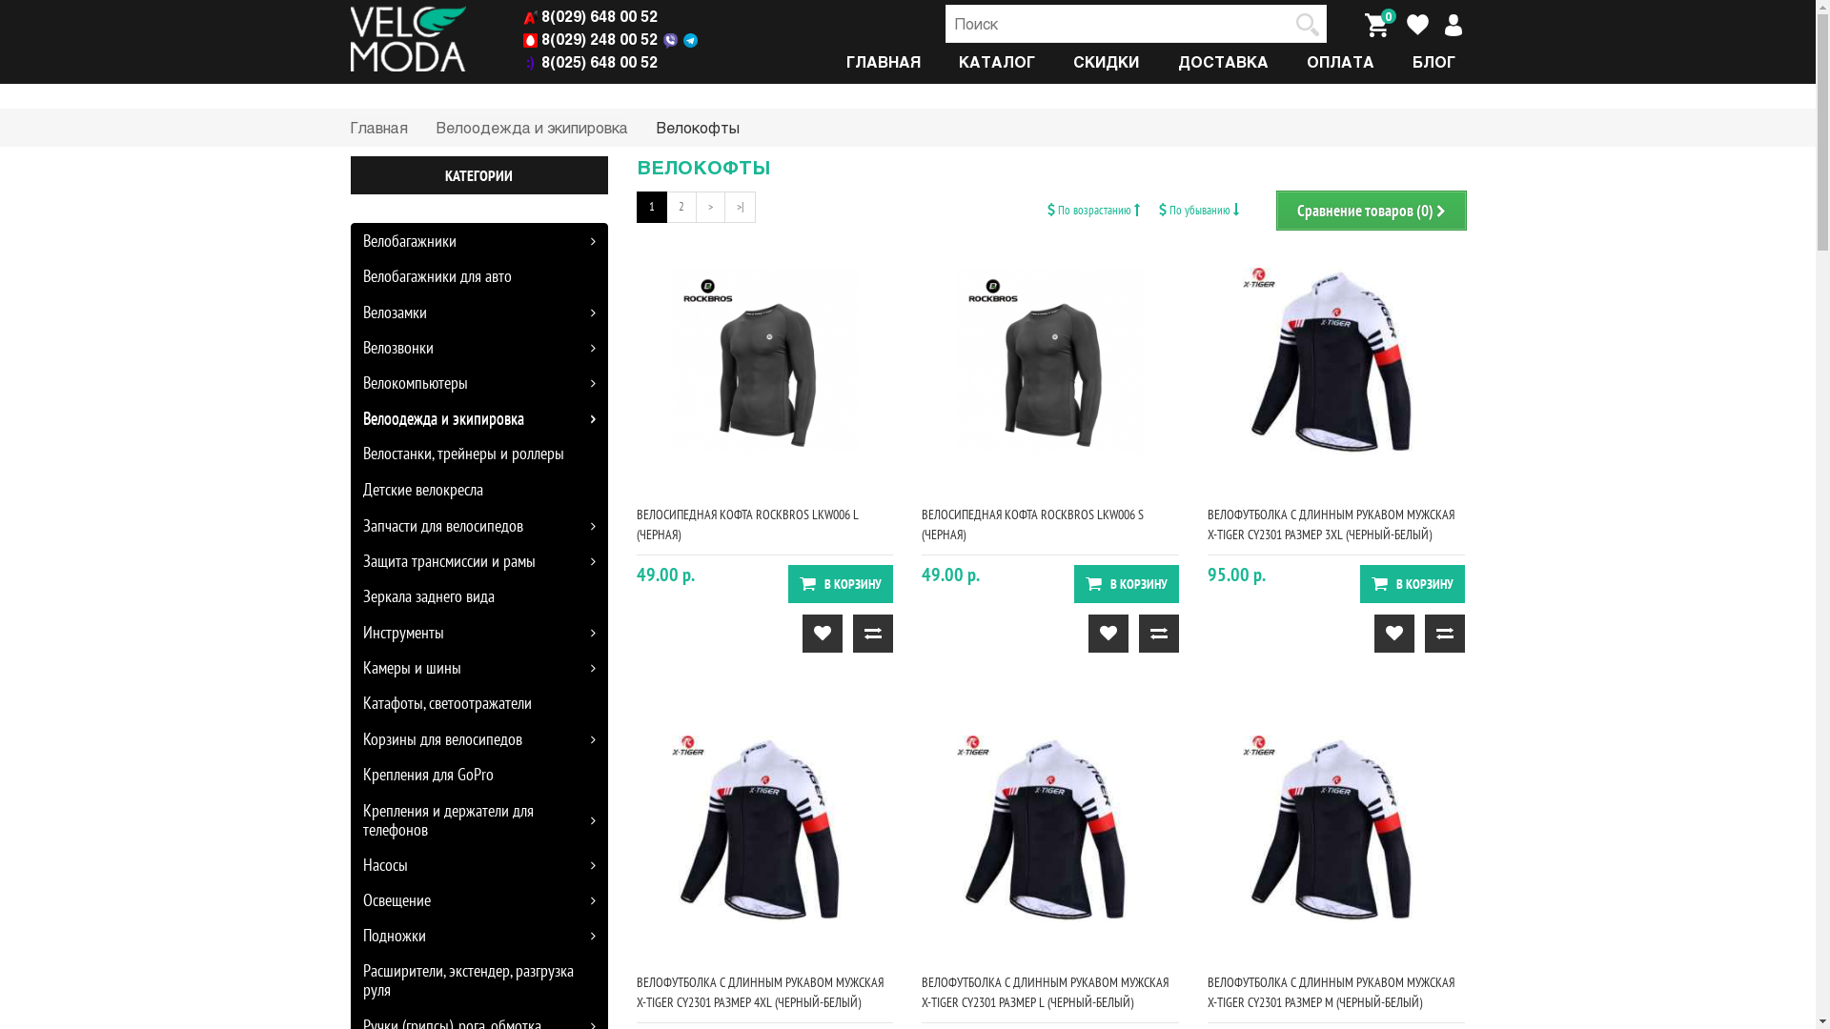 Image resolution: width=1830 pixels, height=1029 pixels. I want to click on '8(025) 648 00 52', so click(589, 60).